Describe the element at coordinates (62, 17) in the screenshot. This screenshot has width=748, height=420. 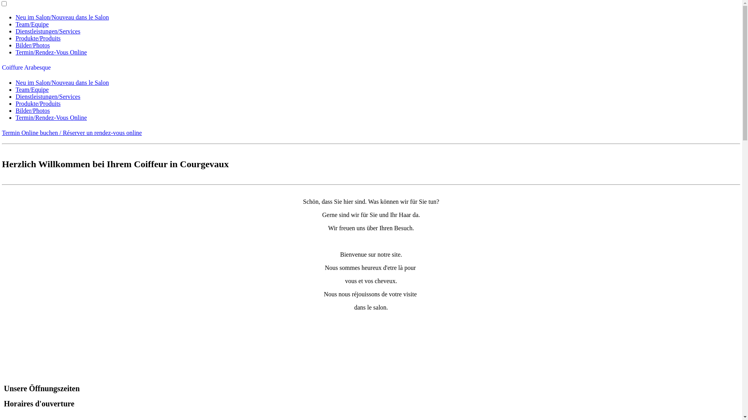
I see `'Neu im Salon/Nouveau dans le Salon'` at that location.